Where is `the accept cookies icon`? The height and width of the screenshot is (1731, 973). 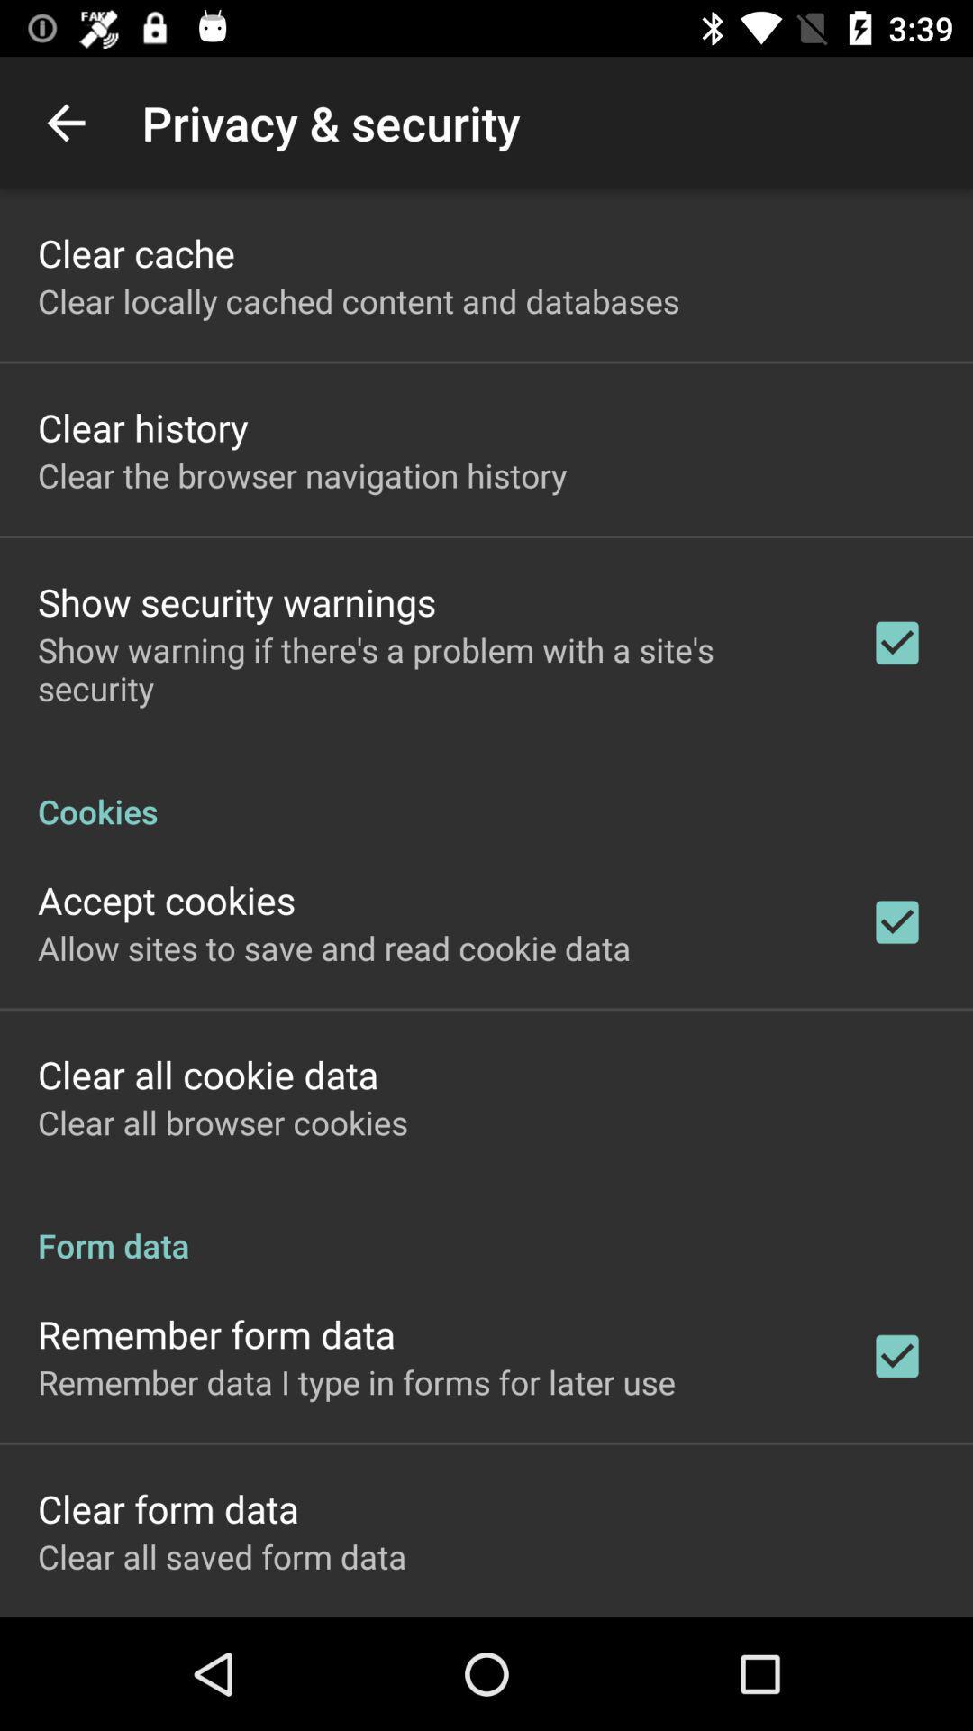 the accept cookies icon is located at coordinates (167, 900).